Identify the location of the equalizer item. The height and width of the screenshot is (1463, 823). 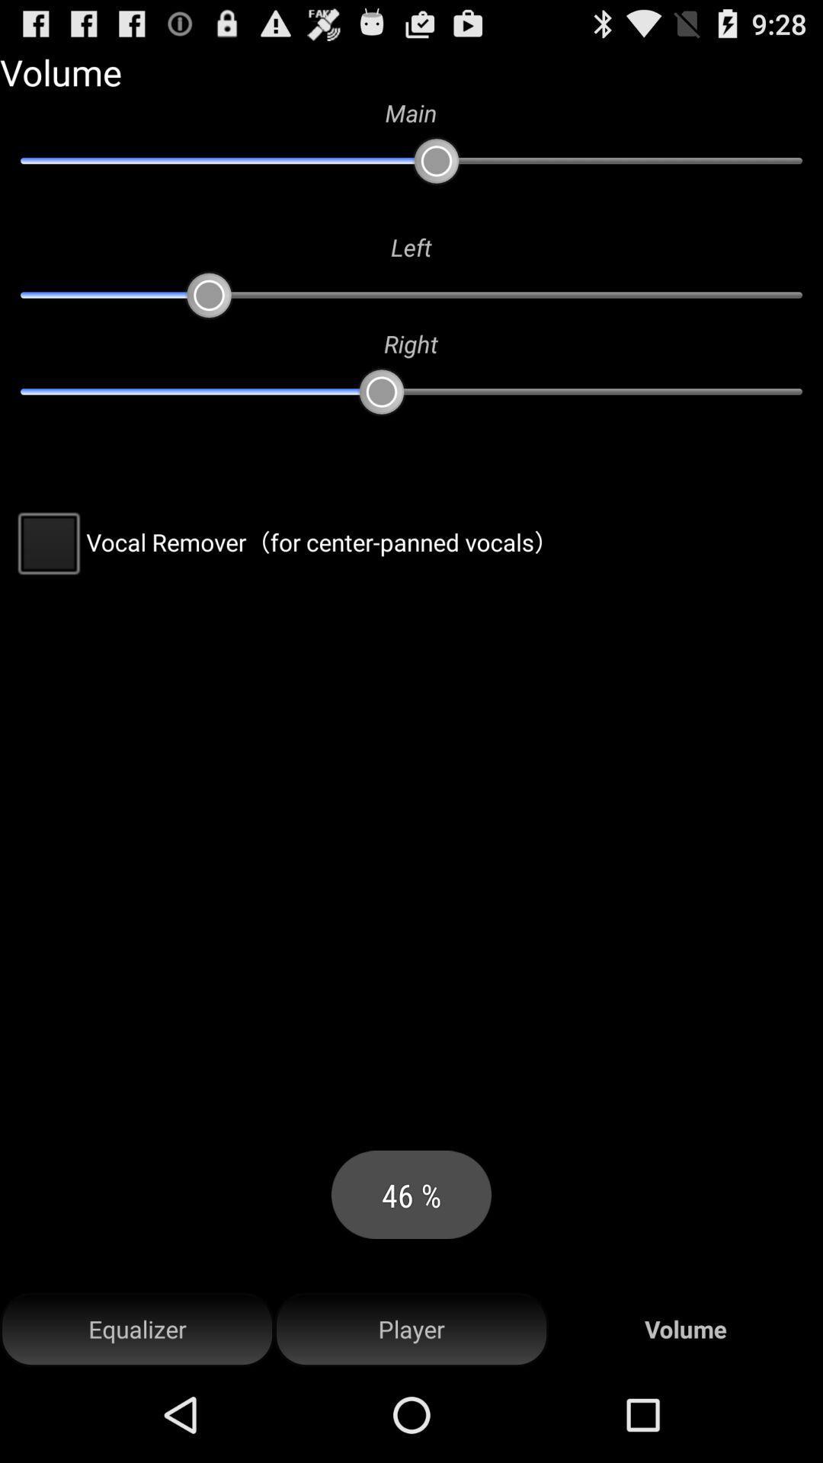
(137, 1329).